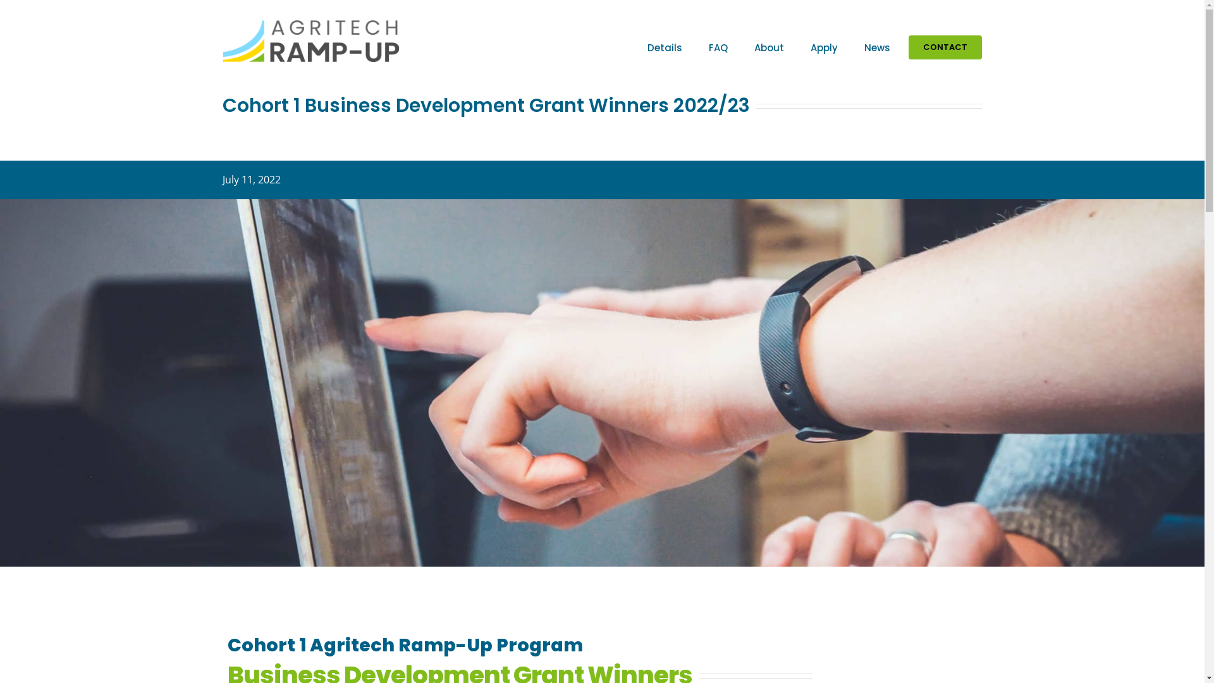 The image size is (1214, 683). Describe the element at coordinates (639, 46) in the screenshot. I see `'Details'` at that location.